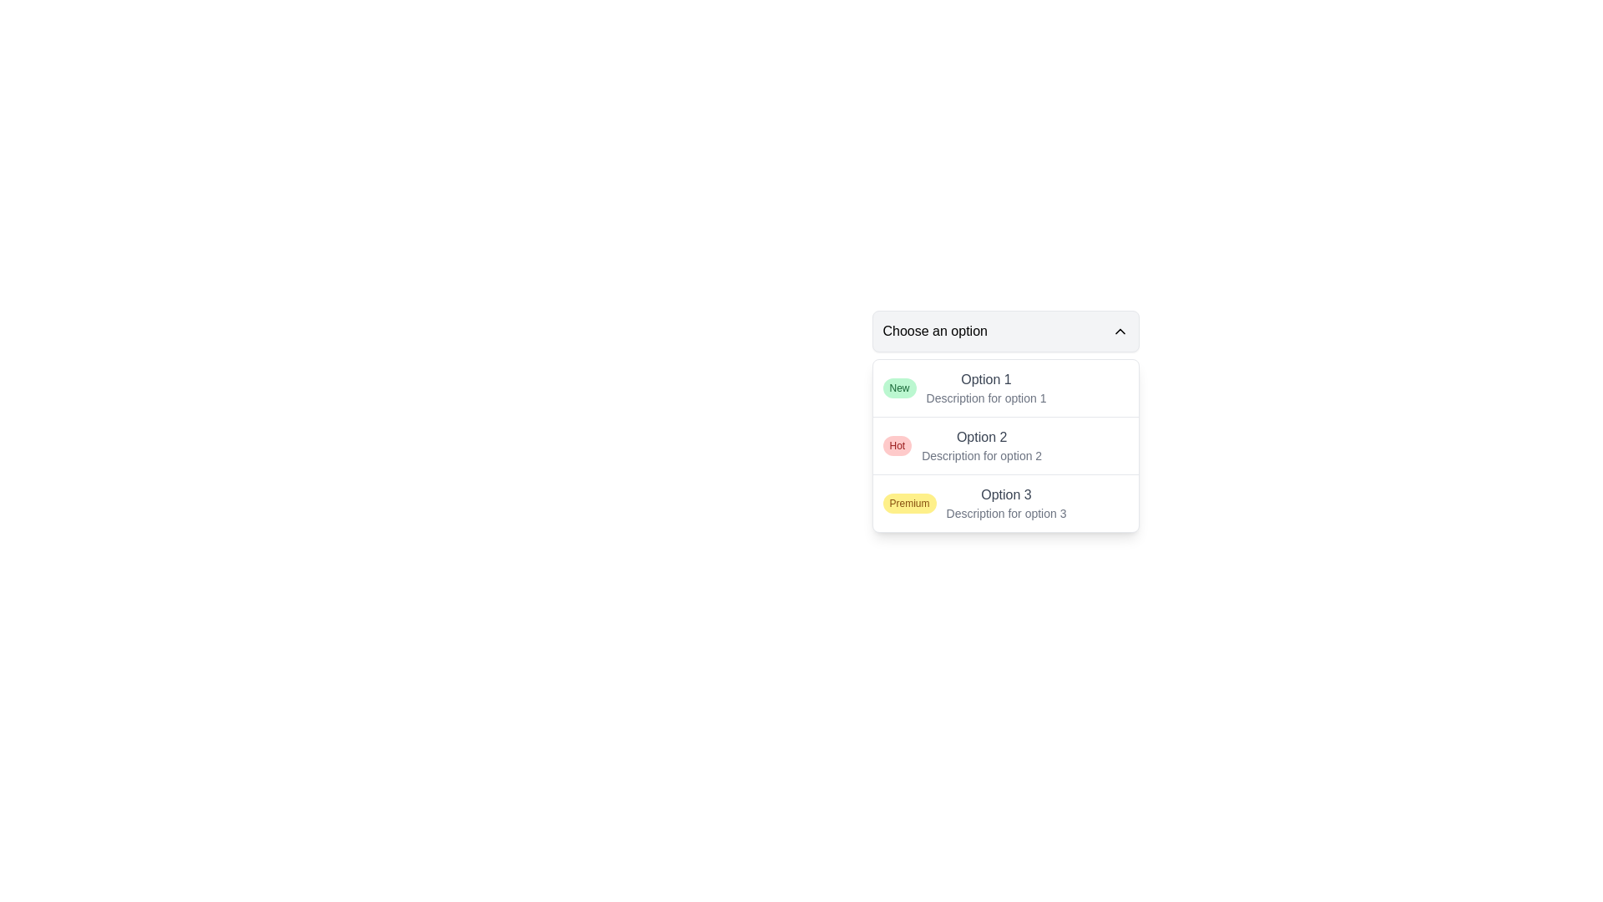 This screenshot has height=902, width=1603. What do you see at coordinates (1004, 444) in the screenshot?
I see `text information from the second list item labeled 'Hot' with a red background and containing 'Option 2' and its description in a dropdown menu panel` at bounding box center [1004, 444].